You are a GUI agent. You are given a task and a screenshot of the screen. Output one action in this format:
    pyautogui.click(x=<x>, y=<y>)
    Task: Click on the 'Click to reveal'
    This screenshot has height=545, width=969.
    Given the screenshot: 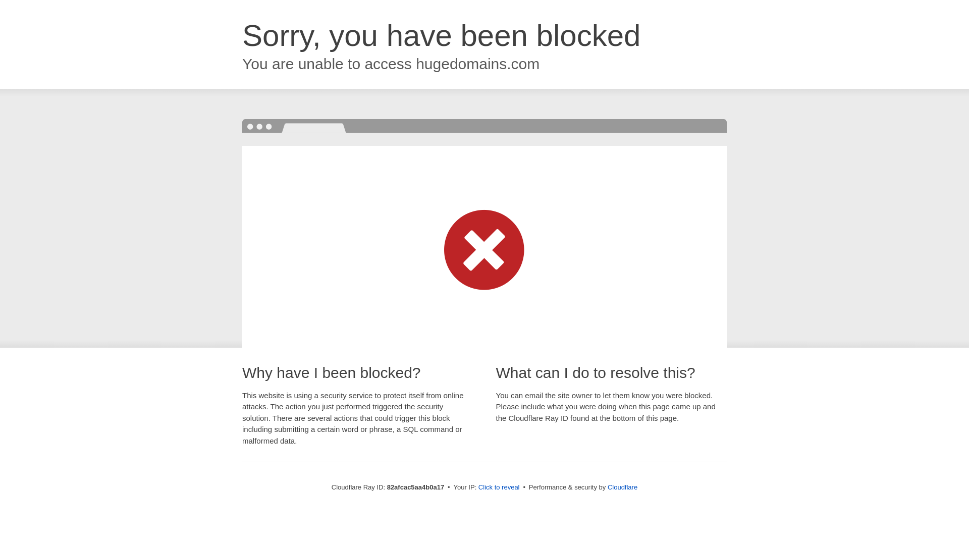 What is the action you would take?
    pyautogui.click(x=499, y=486)
    